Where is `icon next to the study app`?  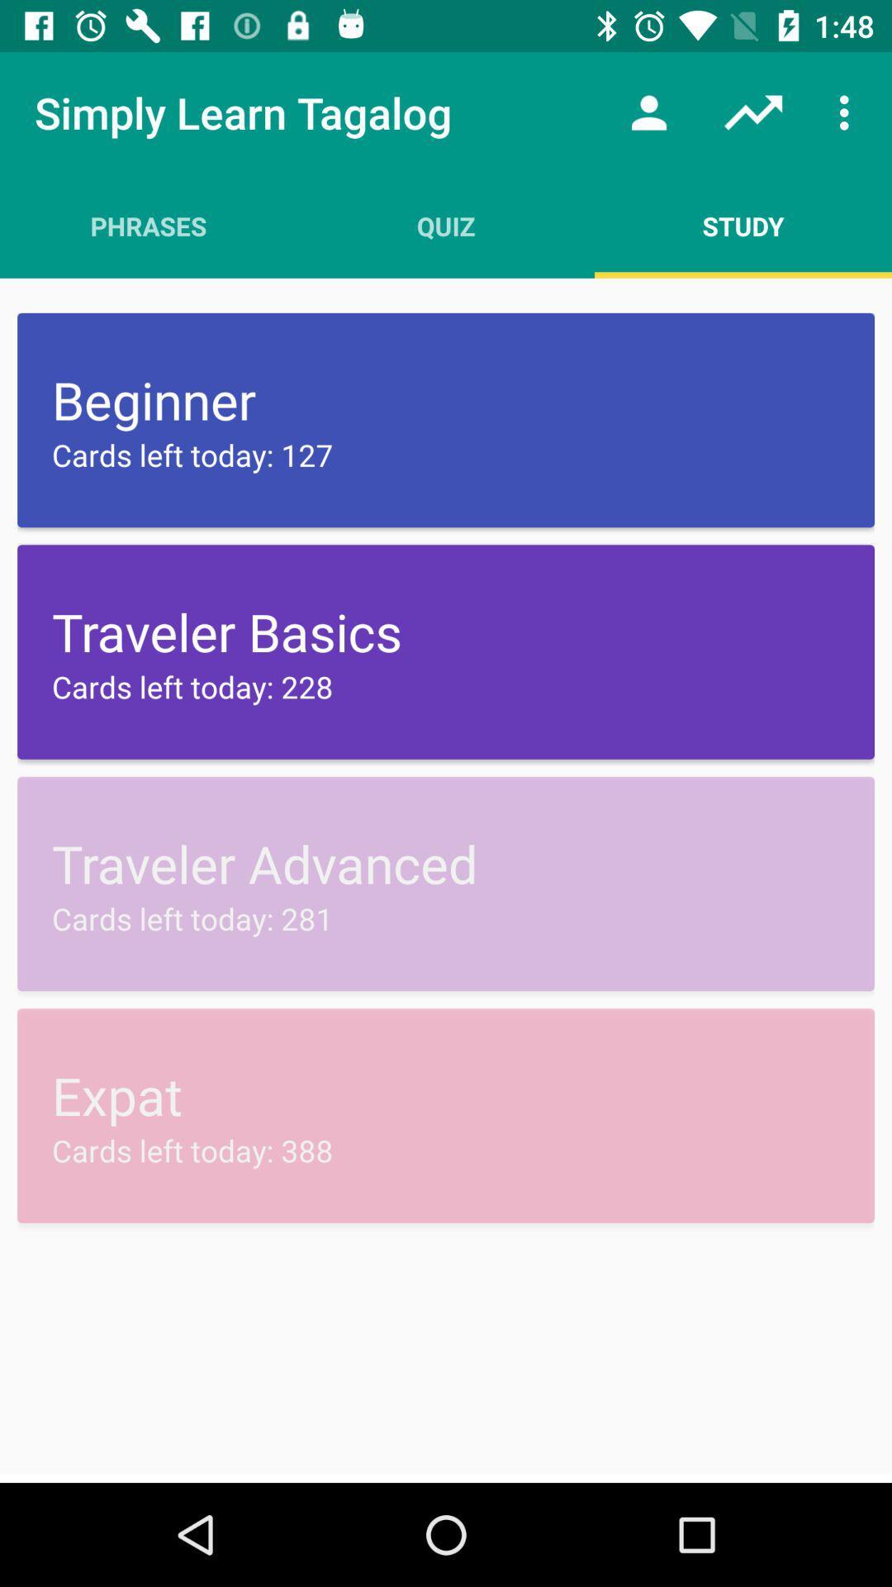
icon next to the study app is located at coordinates (446, 225).